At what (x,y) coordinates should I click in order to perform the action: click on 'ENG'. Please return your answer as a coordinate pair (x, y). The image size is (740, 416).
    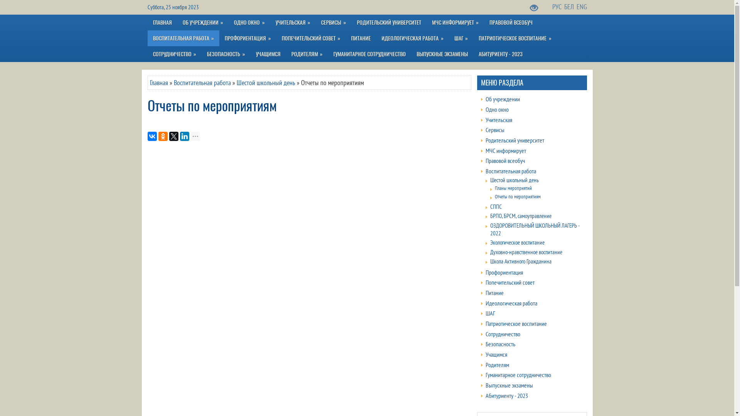
    Looking at the image, I should click on (582, 7).